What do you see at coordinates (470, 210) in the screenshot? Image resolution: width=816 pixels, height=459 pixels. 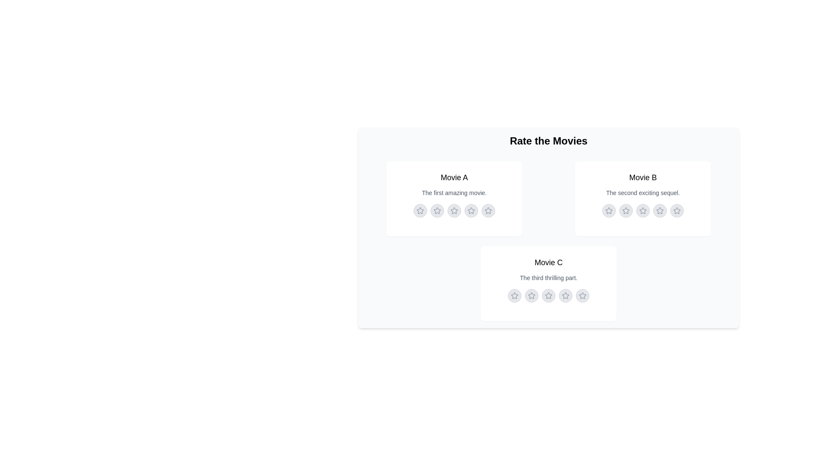 I see `the fourth button in the horizontal row of five buttons within the 'Movie A' card` at bounding box center [470, 210].